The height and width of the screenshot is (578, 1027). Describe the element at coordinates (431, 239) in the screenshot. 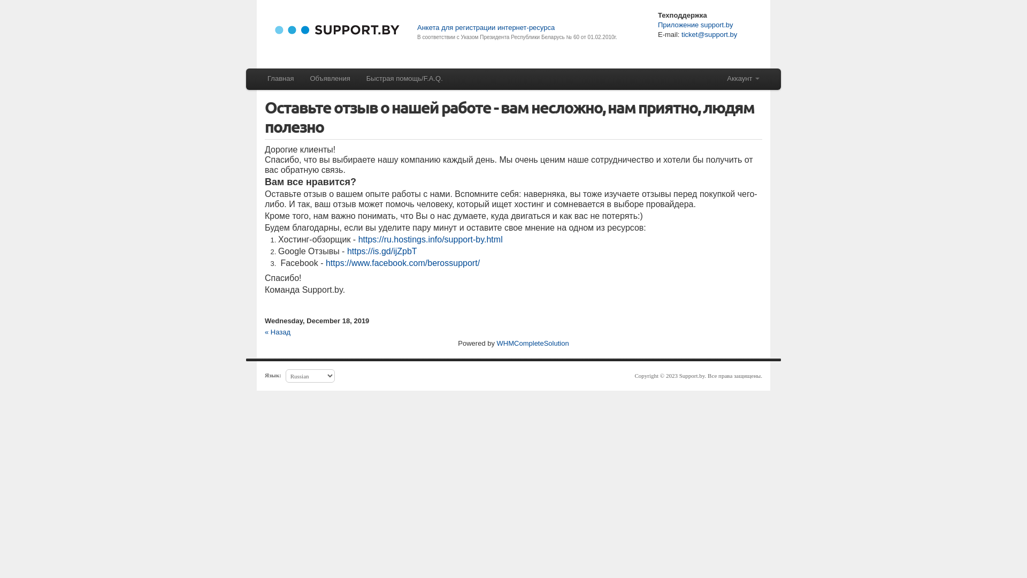

I see `'https://ru.hostings.info/support-by.html'` at that location.